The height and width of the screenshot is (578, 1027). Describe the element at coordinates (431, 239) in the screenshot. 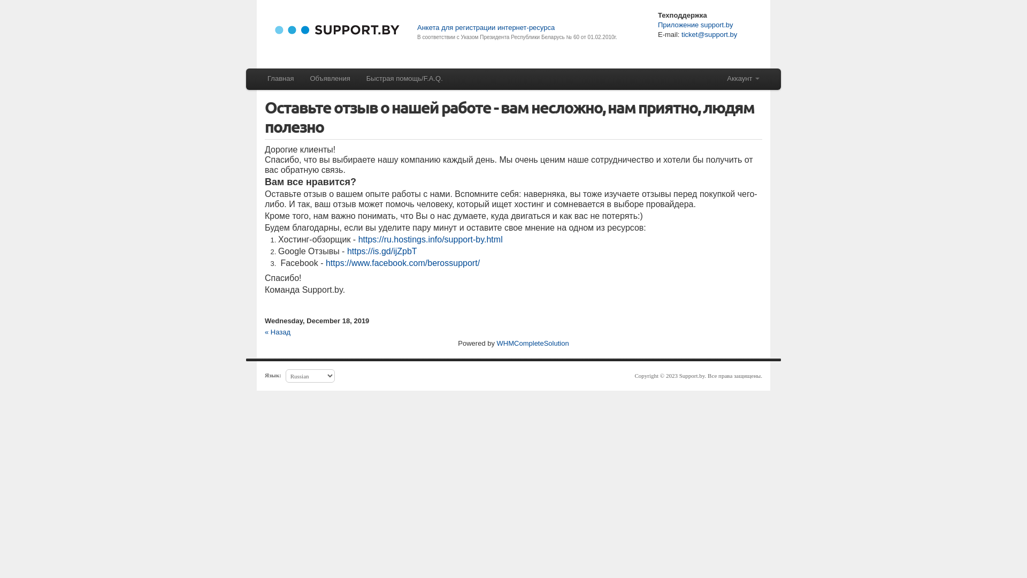

I see `'https://ru.hostings.info/support-by.html'` at that location.